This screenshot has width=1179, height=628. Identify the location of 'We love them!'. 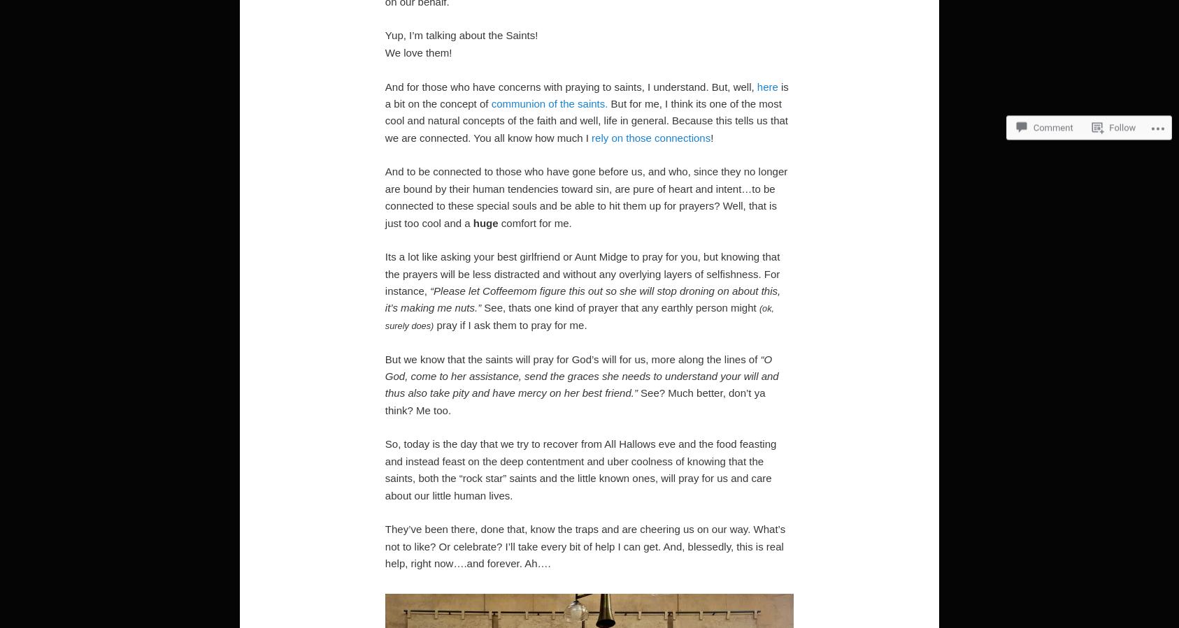
(417, 51).